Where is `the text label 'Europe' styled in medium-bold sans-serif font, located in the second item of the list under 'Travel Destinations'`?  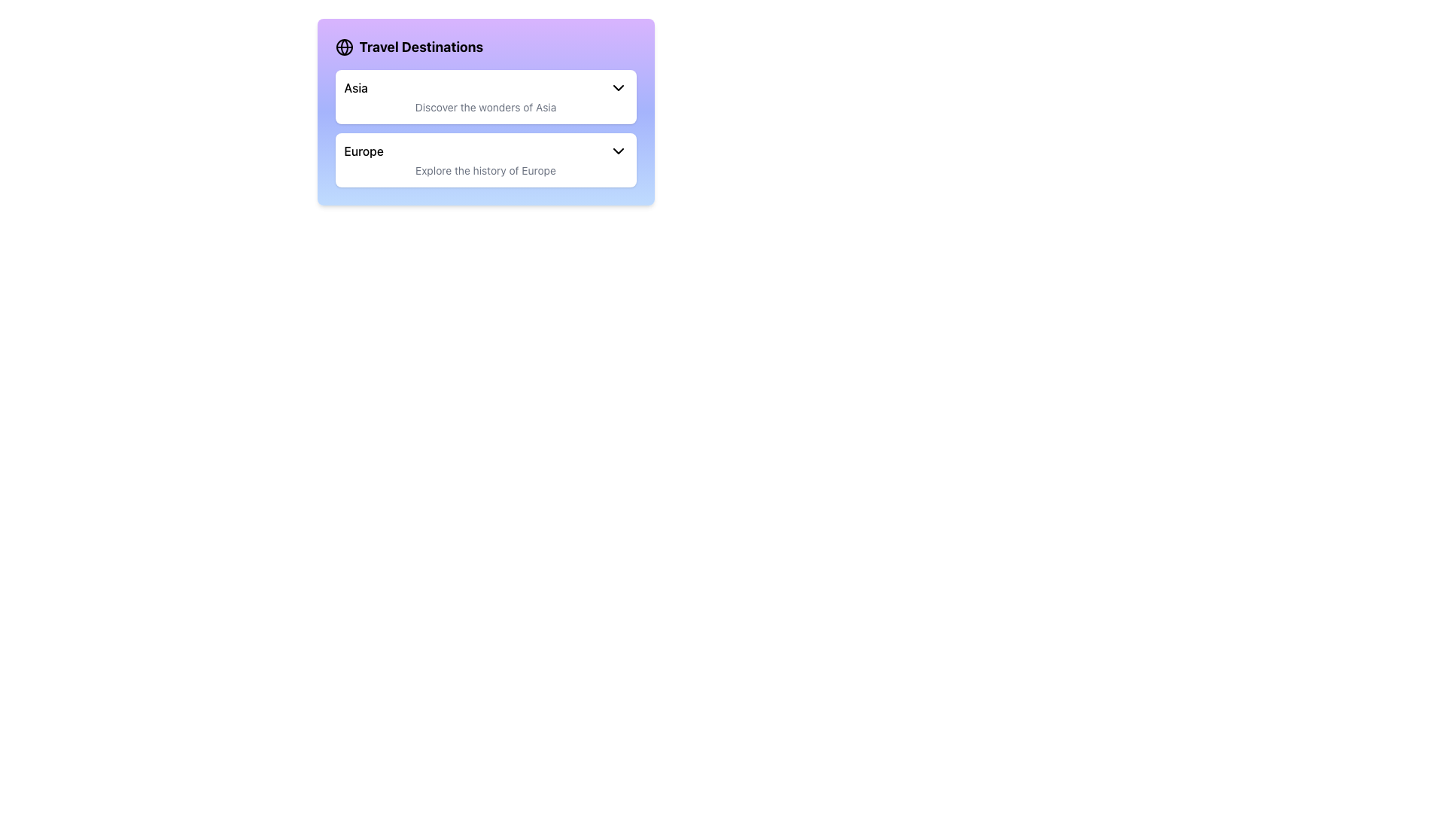
the text label 'Europe' styled in medium-bold sans-serif font, located in the second item of the list under 'Travel Destinations' is located at coordinates (364, 151).